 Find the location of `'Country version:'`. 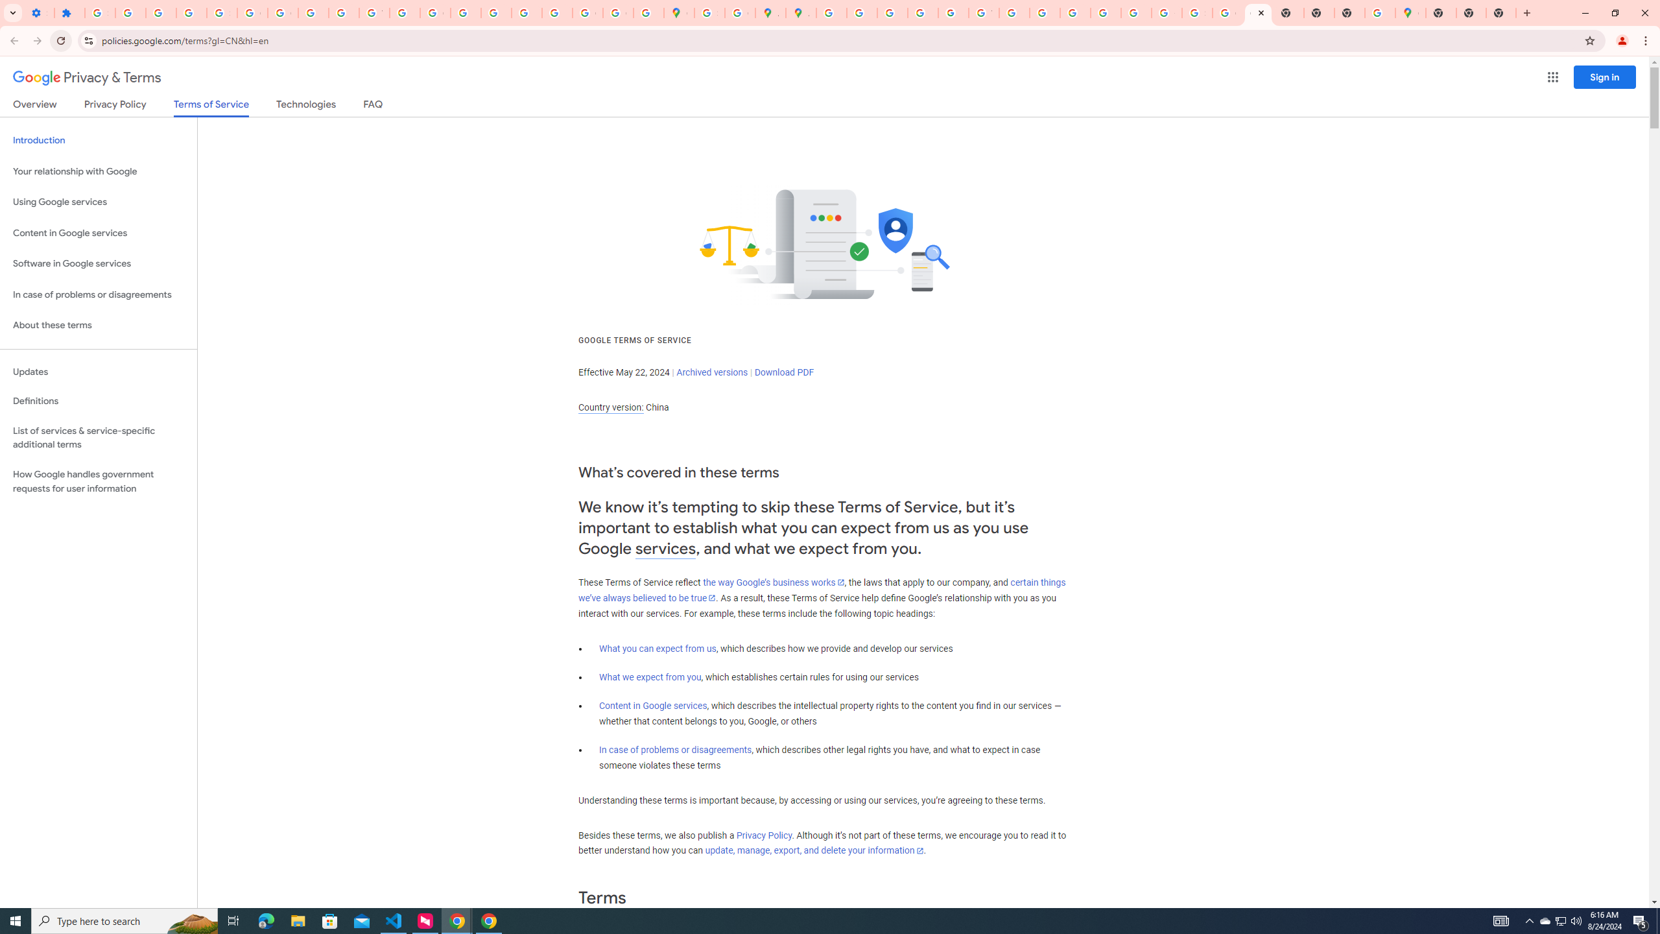

'Country version:' is located at coordinates (610, 407).